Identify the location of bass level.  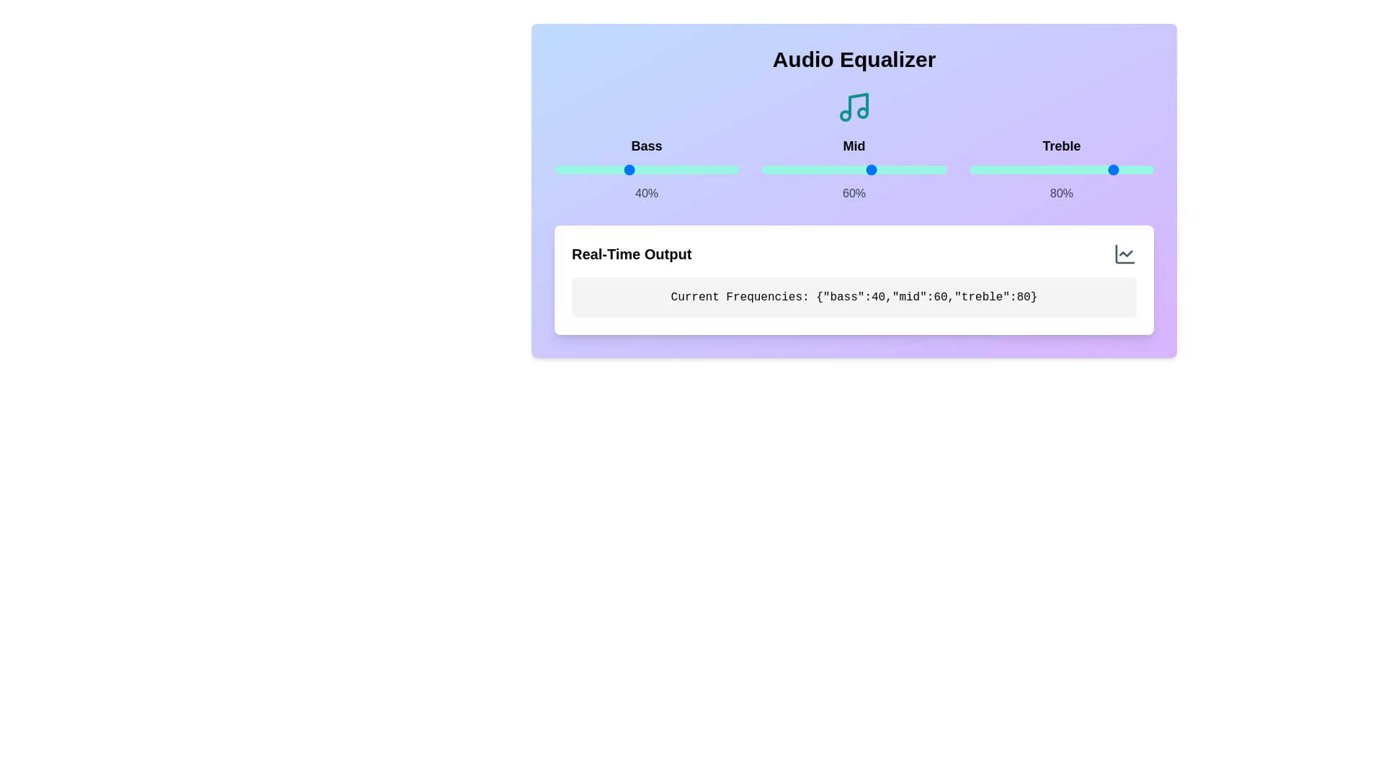
(717, 169).